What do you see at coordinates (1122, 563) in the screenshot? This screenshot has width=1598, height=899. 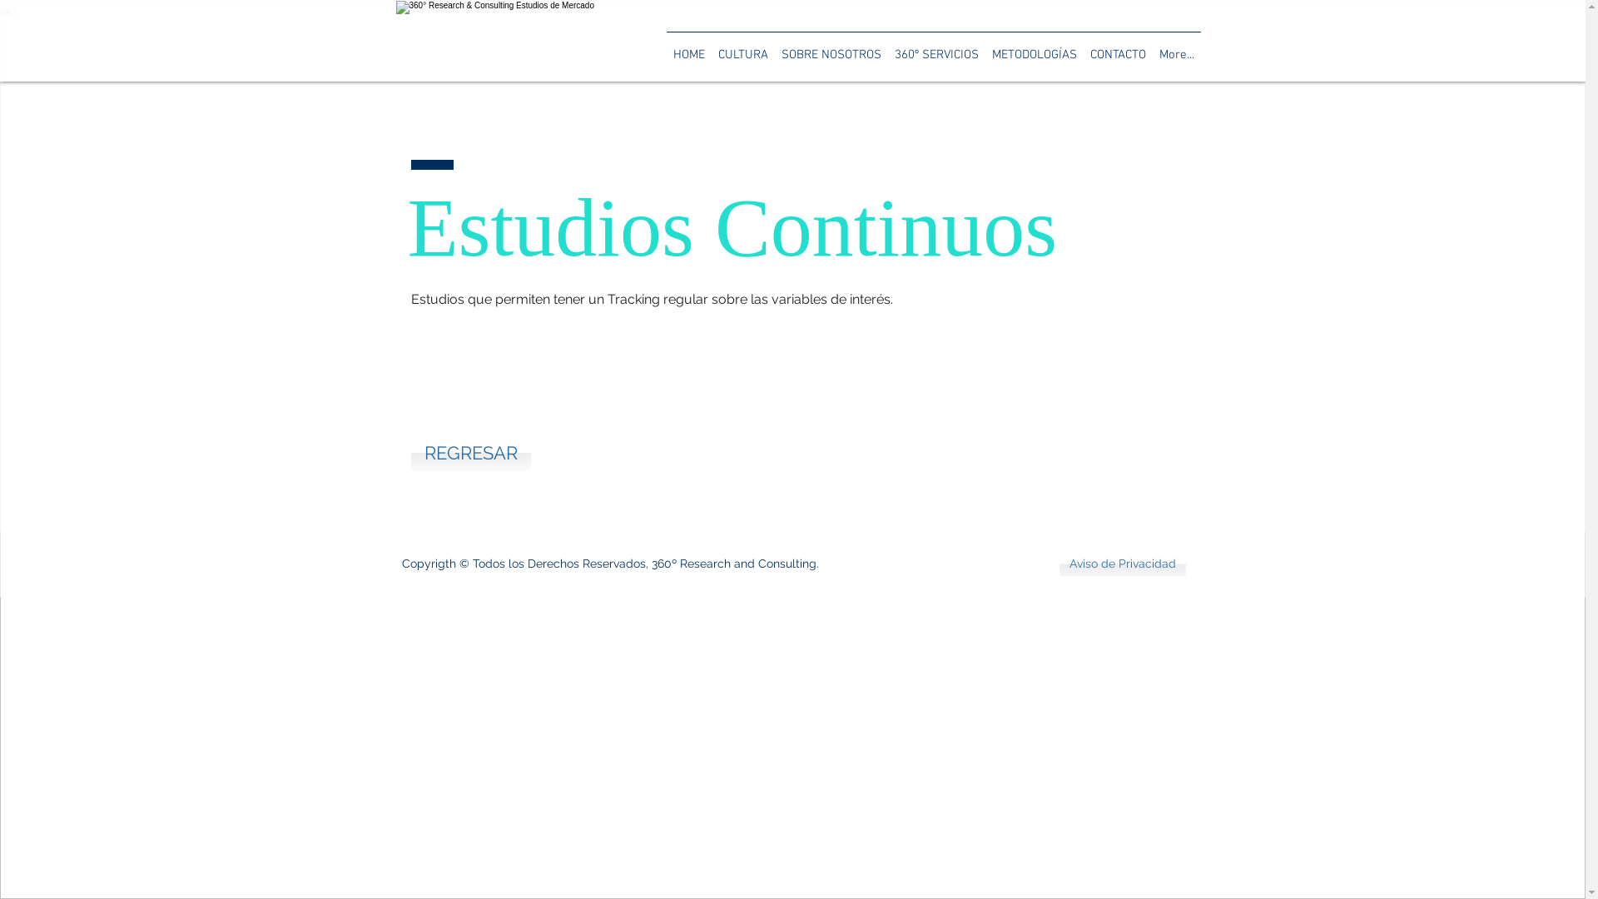 I see `'Aviso de Privacidad'` at bounding box center [1122, 563].